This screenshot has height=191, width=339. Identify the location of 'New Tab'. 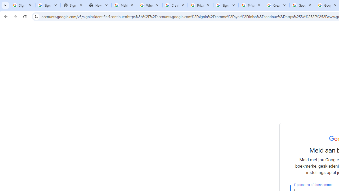
(99, 5).